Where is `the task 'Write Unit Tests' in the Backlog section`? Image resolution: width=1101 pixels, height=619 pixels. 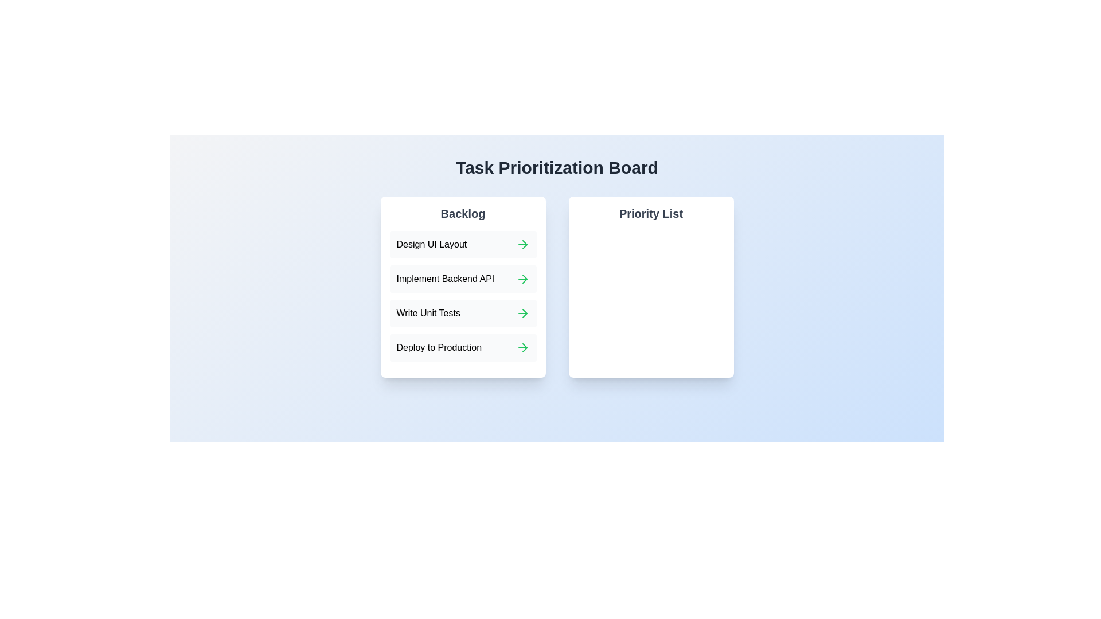
the task 'Write Unit Tests' in the Backlog section is located at coordinates (431, 314).